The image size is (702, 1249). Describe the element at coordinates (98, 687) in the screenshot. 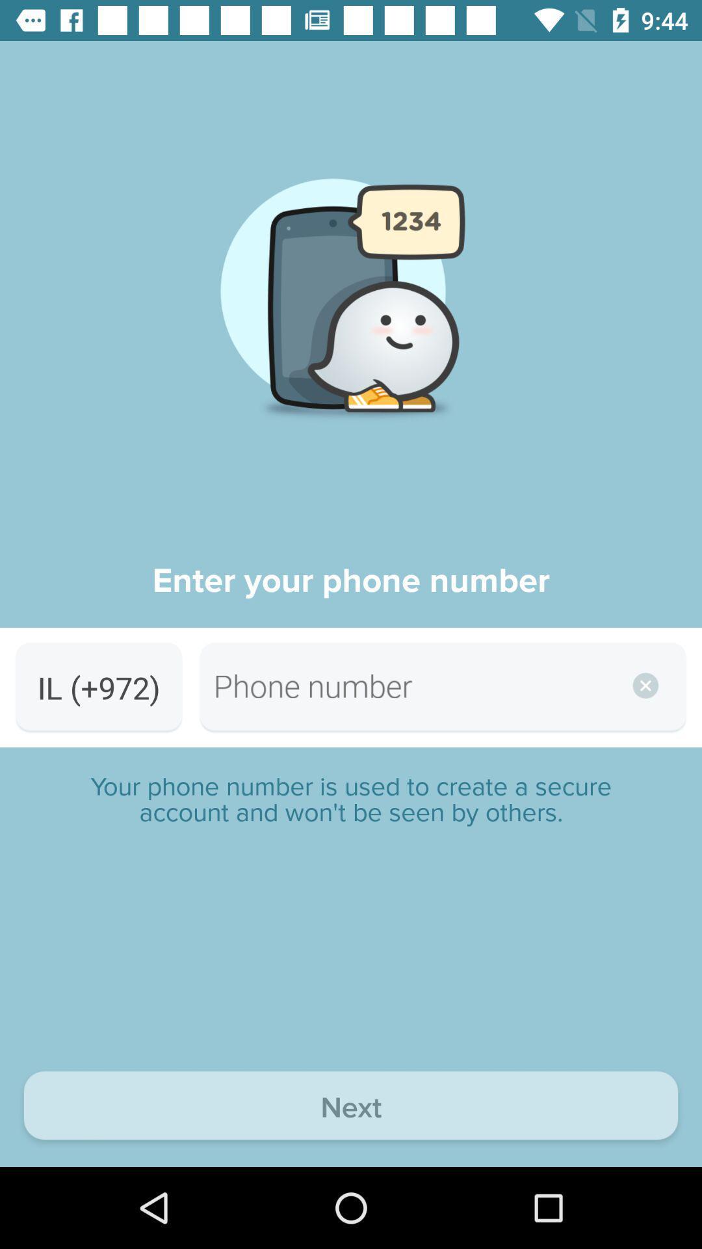

I see `the icon above your phone number item` at that location.